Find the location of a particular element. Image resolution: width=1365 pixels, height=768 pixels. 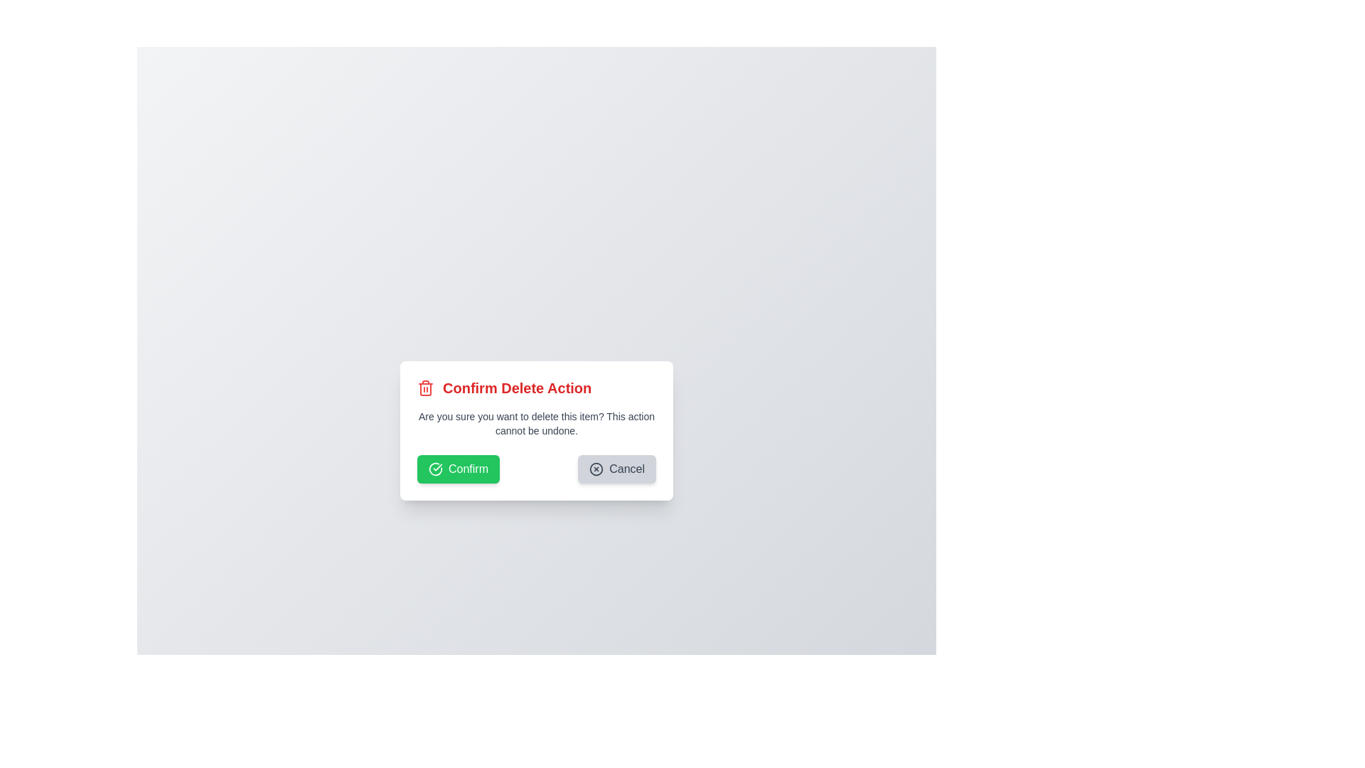

the 'Cancel' button with a light gray background and dark gray text, located to the right of the 'Confirm' button in the modal dialog box is located at coordinates (617, 469).